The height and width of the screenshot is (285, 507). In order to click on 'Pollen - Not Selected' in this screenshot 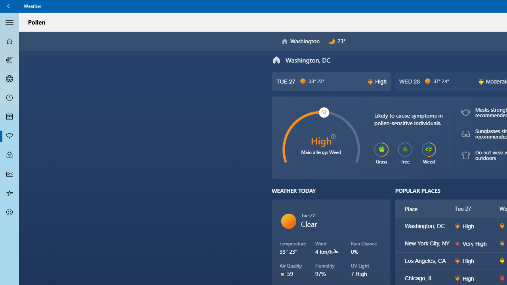, I will do `click(10, 135)`.